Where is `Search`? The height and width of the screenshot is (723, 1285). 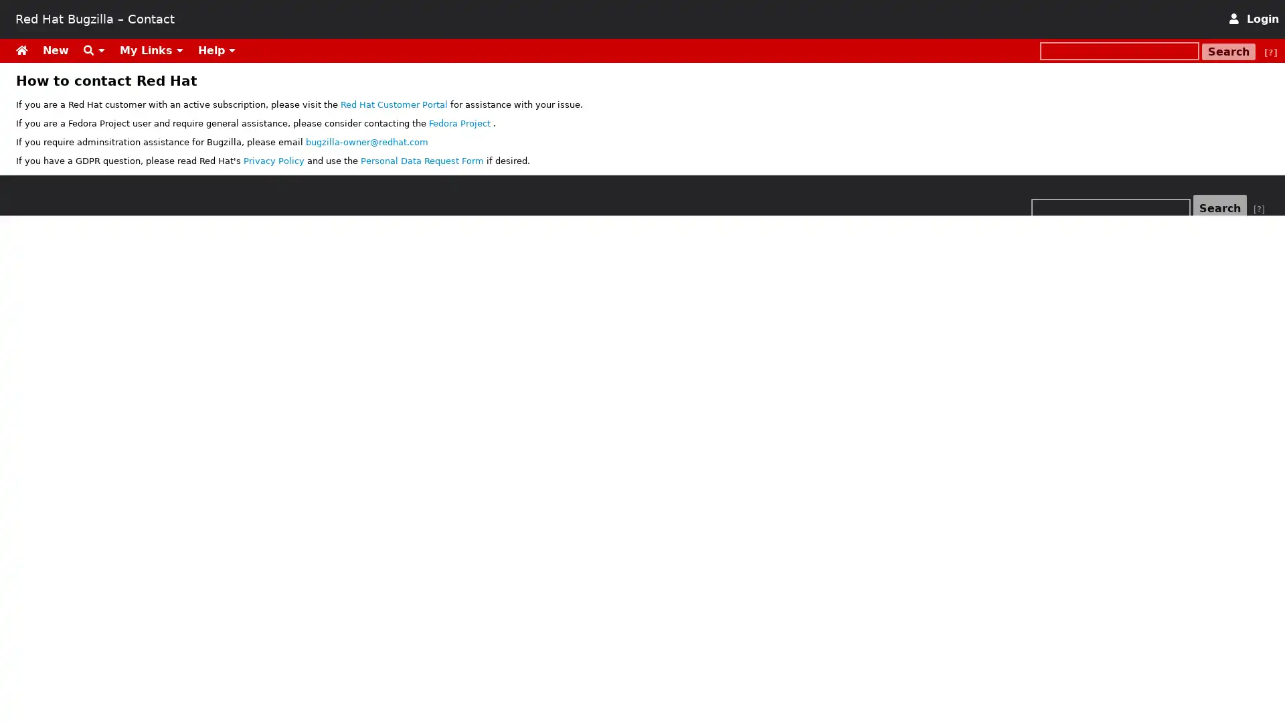 Search is located at coordinates (1220, 208).